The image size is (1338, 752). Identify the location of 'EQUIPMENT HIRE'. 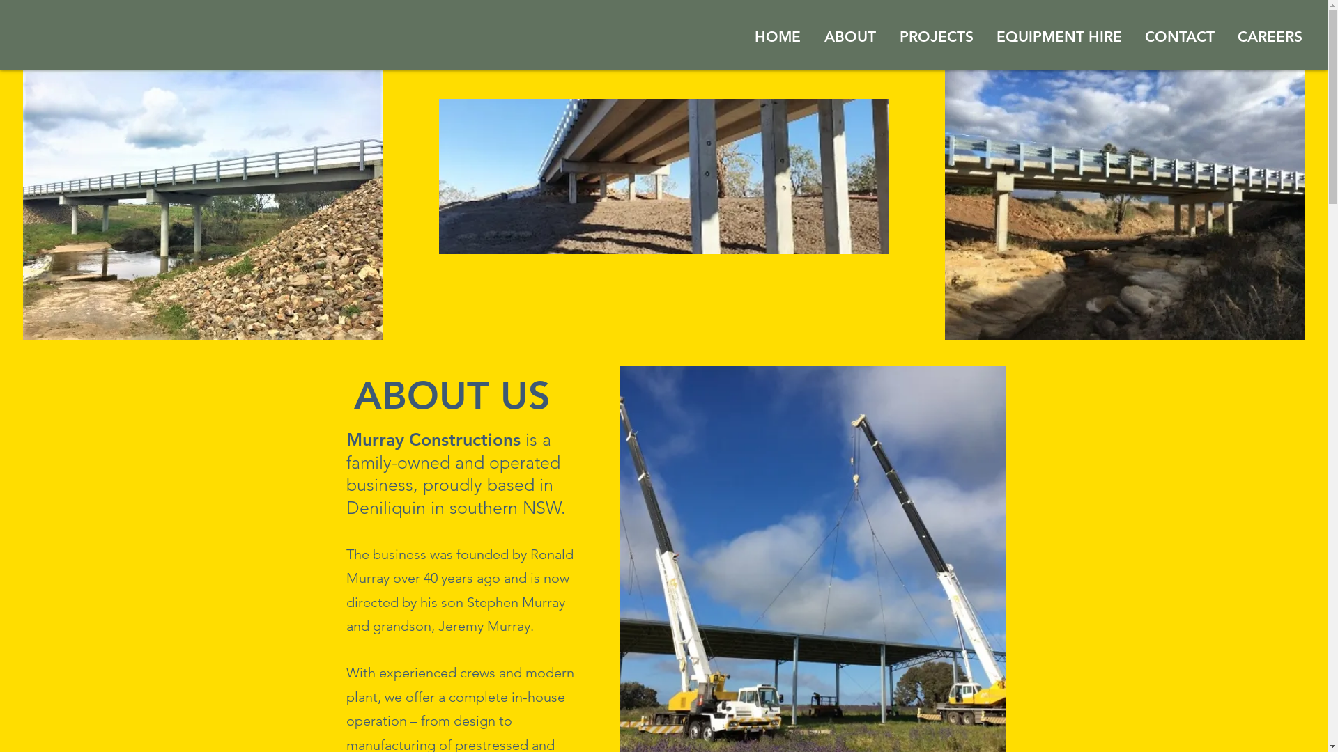
(1059, 36).